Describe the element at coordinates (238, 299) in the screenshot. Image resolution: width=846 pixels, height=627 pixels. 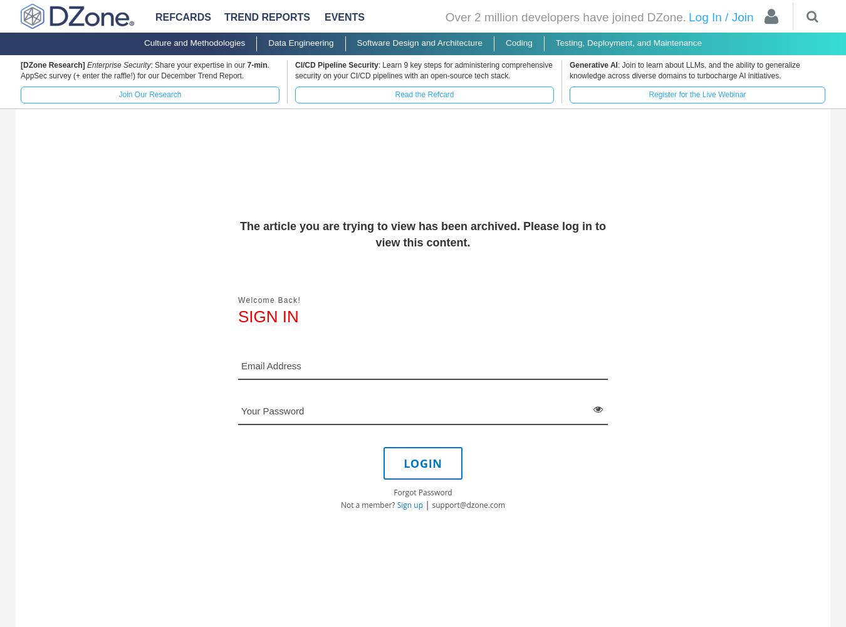
I see `'Welcome Back!'` at that location.